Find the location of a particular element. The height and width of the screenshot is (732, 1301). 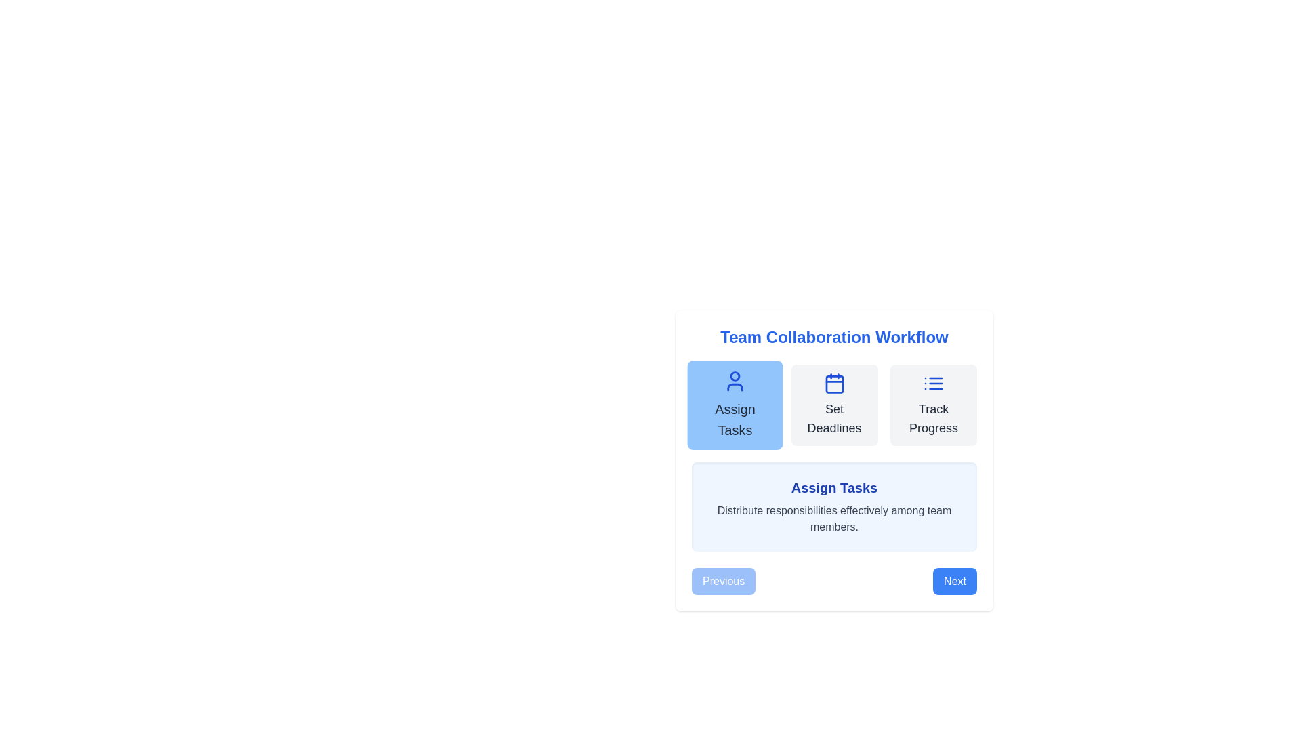

the 'Set Deadlines' label which is styled in bold font with a calendar icon above it, located in a light-gray card between 'Assign Tasks' and 'Track Progress' is located at coordinates (833, 418).